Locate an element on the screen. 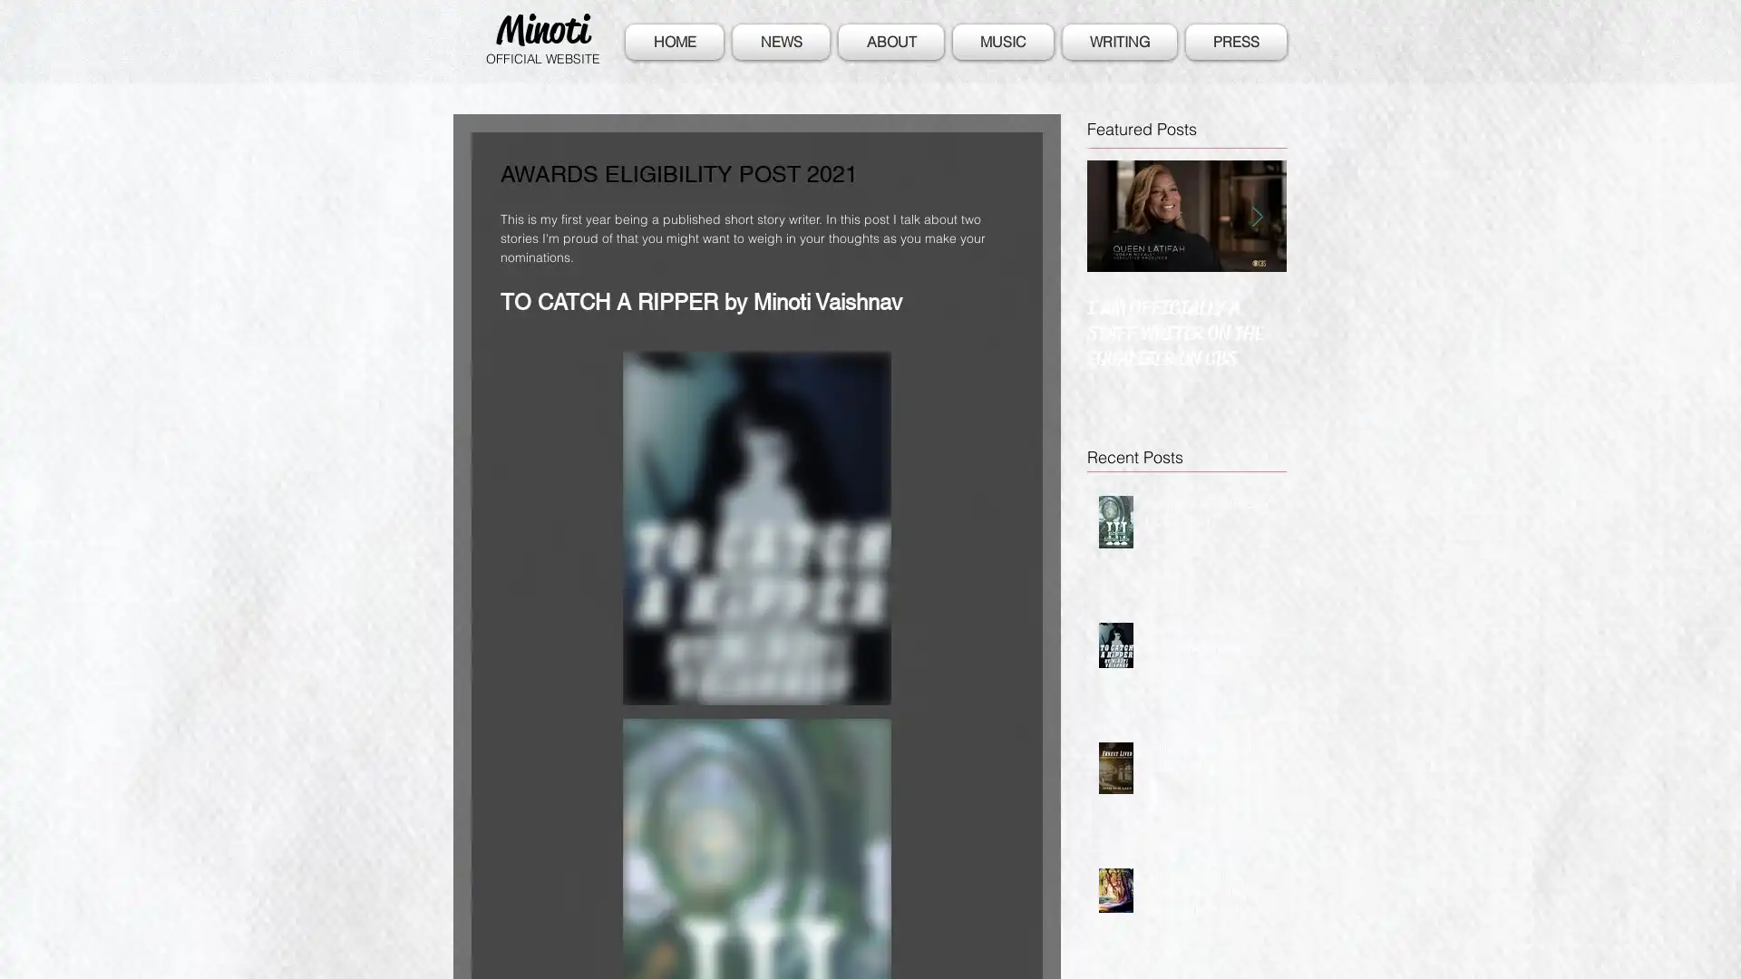 The image size is (1741, 979). Previous Item is located at coordinates (1114, 214).